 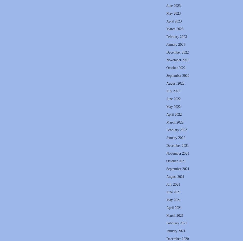 What do you see at coordinates (176, 68) in the screenshot?
I see `'October 2022'` at bounding box center [176, 68].